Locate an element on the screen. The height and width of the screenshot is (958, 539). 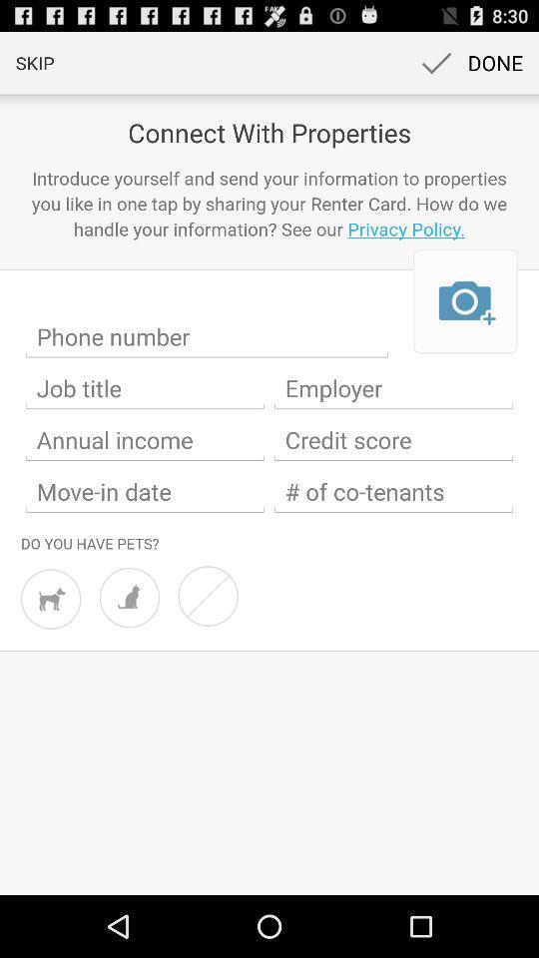
no pets is located at coordinates (207, 596).